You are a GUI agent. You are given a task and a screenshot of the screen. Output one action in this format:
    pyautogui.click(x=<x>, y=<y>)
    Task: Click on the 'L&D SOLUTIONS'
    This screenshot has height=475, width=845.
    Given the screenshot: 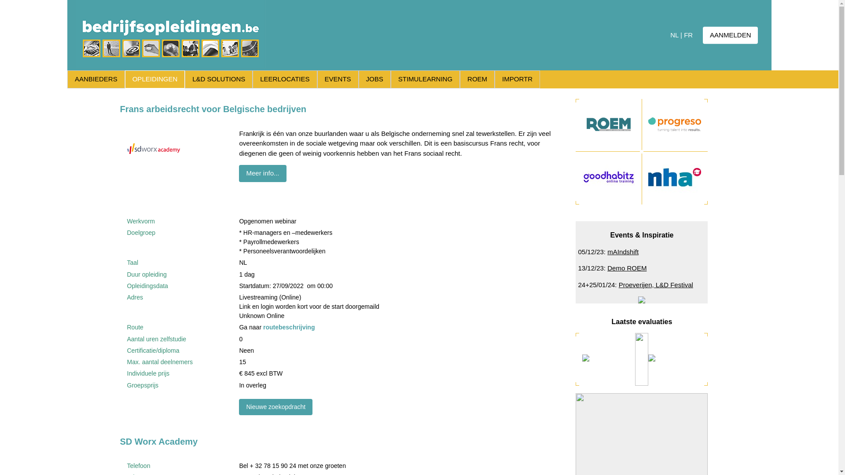 What is the action you would take?
    pyautogui.click(x=219, y=79)
    